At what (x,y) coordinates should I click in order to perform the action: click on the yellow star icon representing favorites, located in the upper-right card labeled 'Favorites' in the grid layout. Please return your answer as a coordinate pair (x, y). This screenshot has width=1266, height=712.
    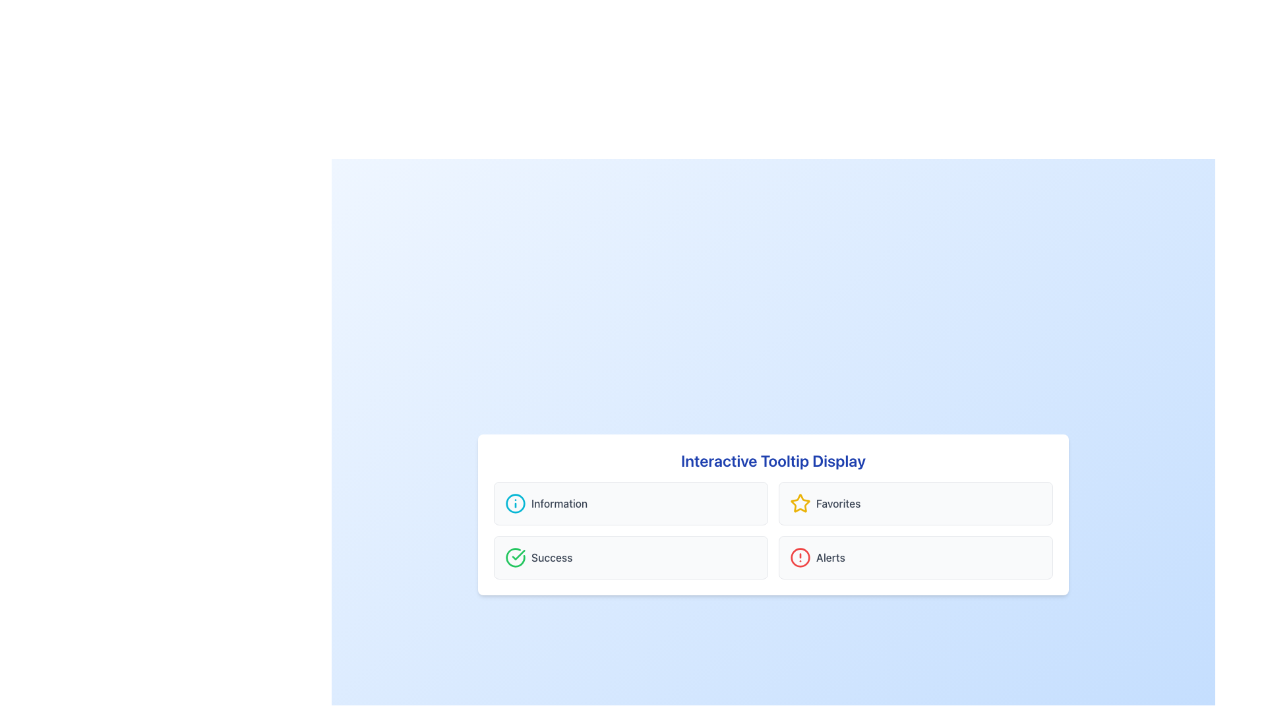
    Looking at the image, I should click on (800, 503).